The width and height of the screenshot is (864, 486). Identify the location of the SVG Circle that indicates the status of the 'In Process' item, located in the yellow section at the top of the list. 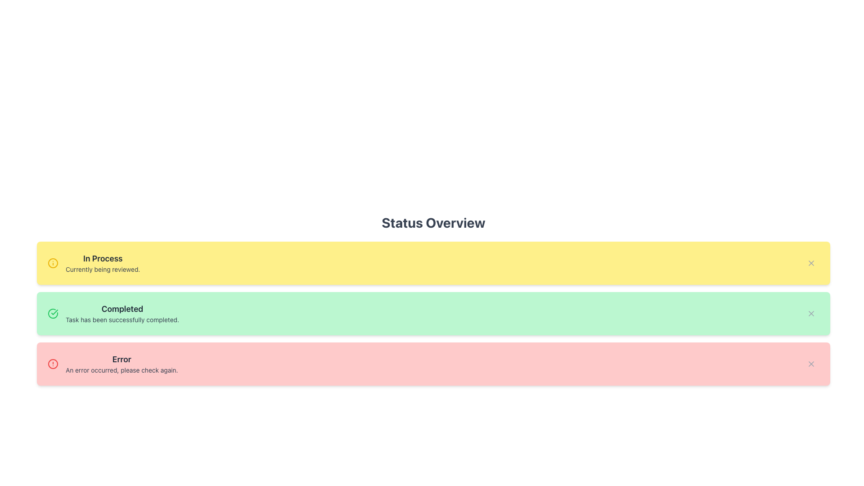
(53, 263).